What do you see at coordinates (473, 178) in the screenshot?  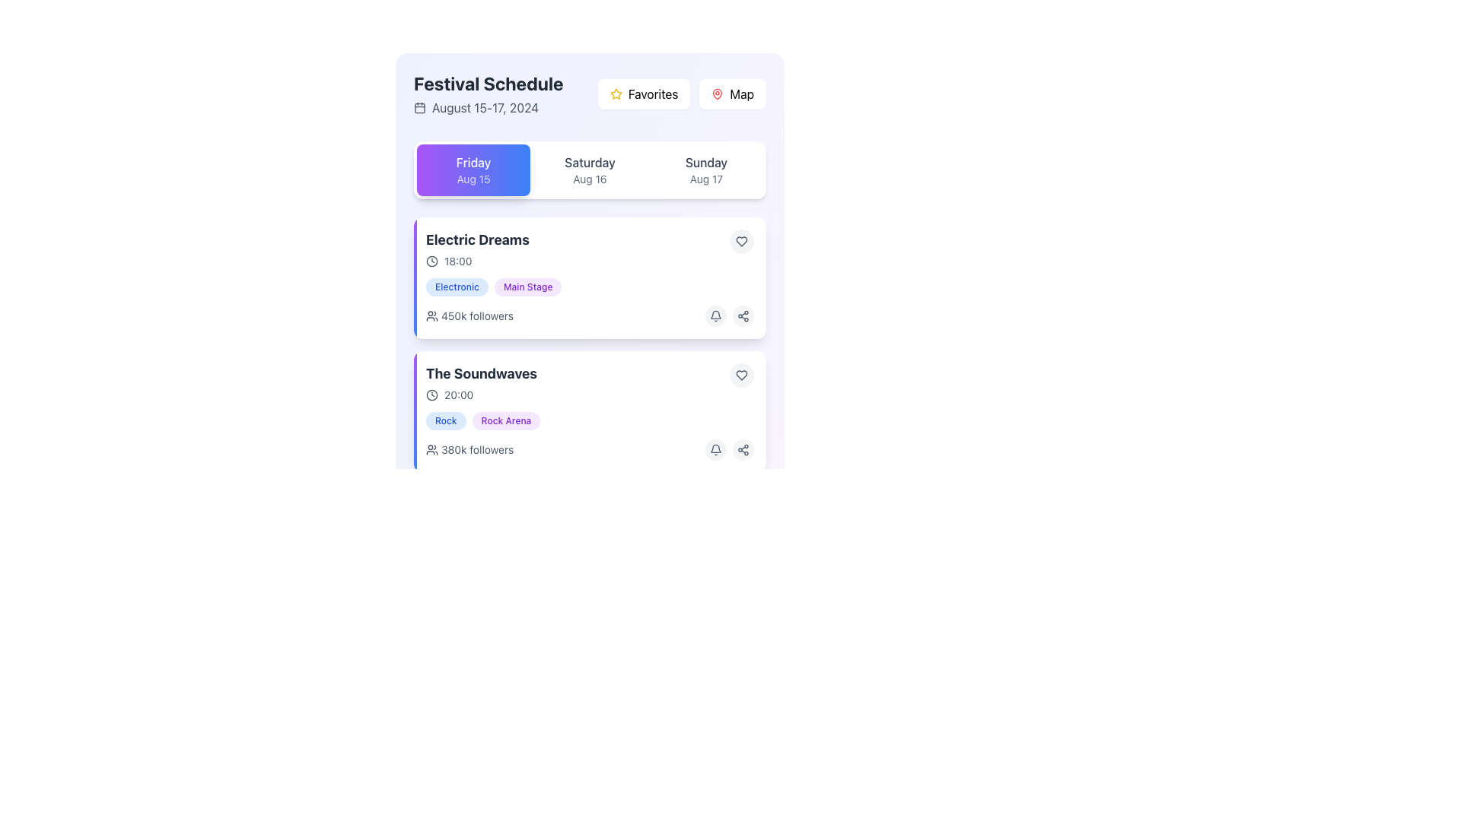 I see `the decorative text label indicating the date associated with the 'Friday' button, which is positioned below the 'Friday' text and above the main content area` at bounding box center [473, 178].